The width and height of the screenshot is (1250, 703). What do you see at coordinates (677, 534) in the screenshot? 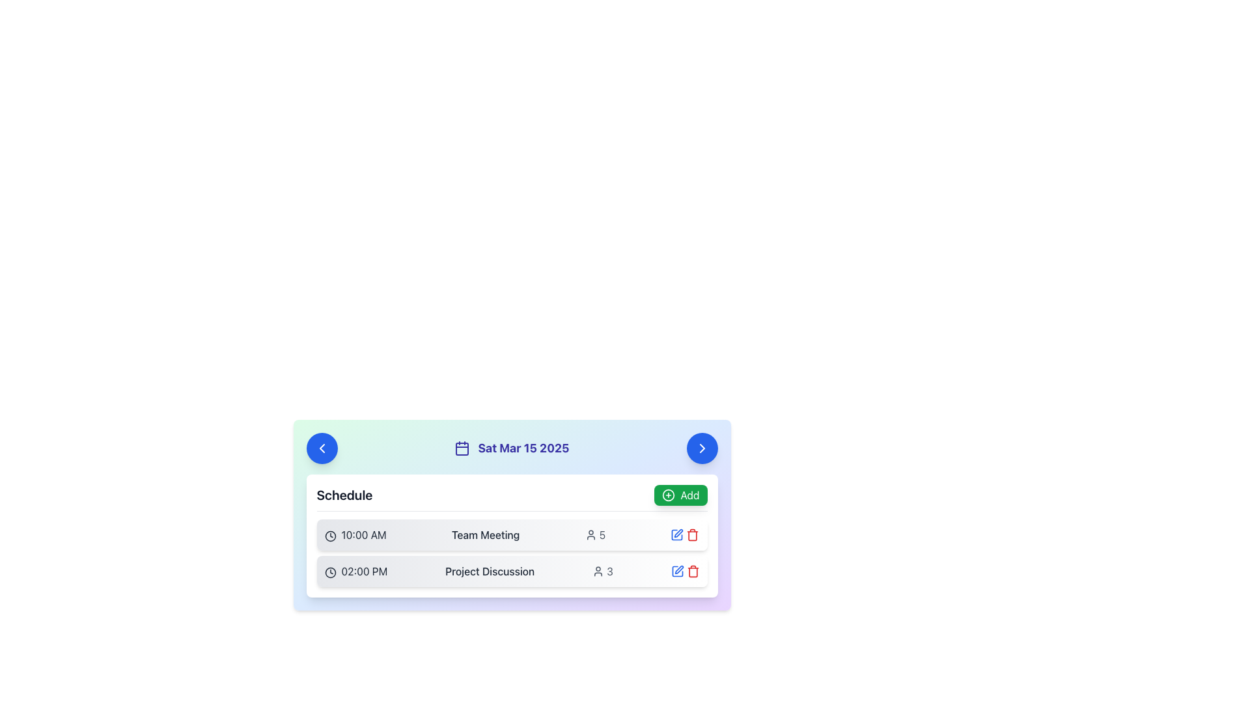
I see `the editable task icon featuring a pen overlay, which is a square frame icon located on the right-hand side of the interface, adjacent to the 'Project Discussion' task row's edit icon` at bounding box center [677, 534].